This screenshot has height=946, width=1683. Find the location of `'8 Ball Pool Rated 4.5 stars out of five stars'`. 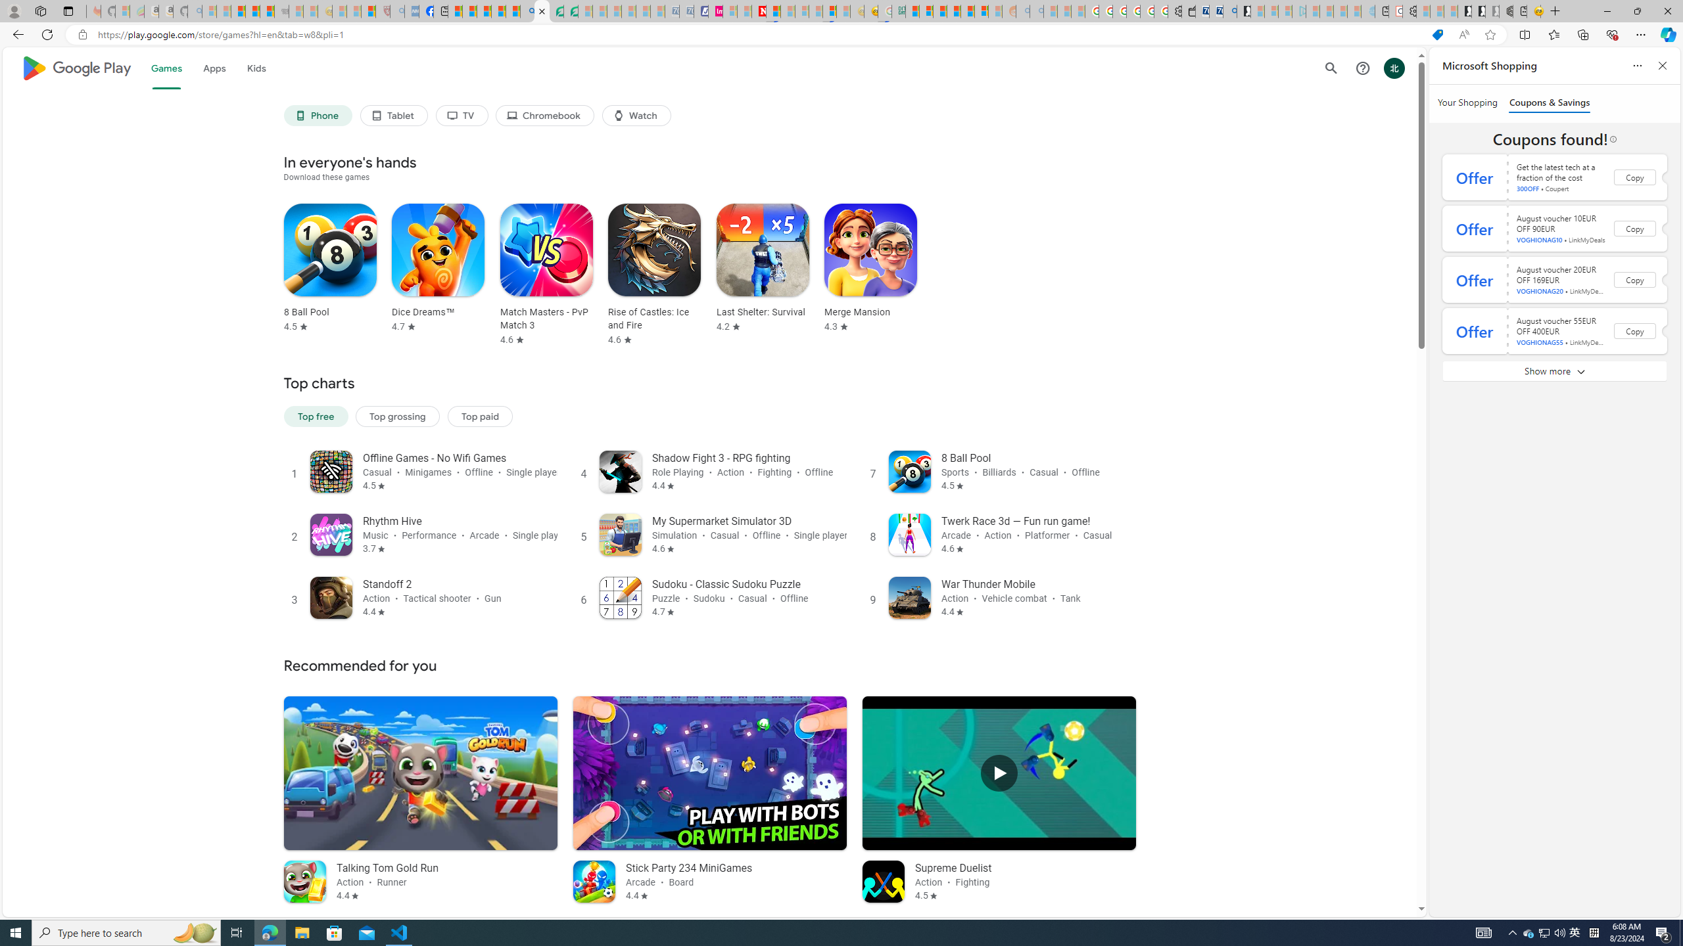

'8 Ball Pool Rated 4.5 stars out of five stars' is located at coordinates (329, 267).